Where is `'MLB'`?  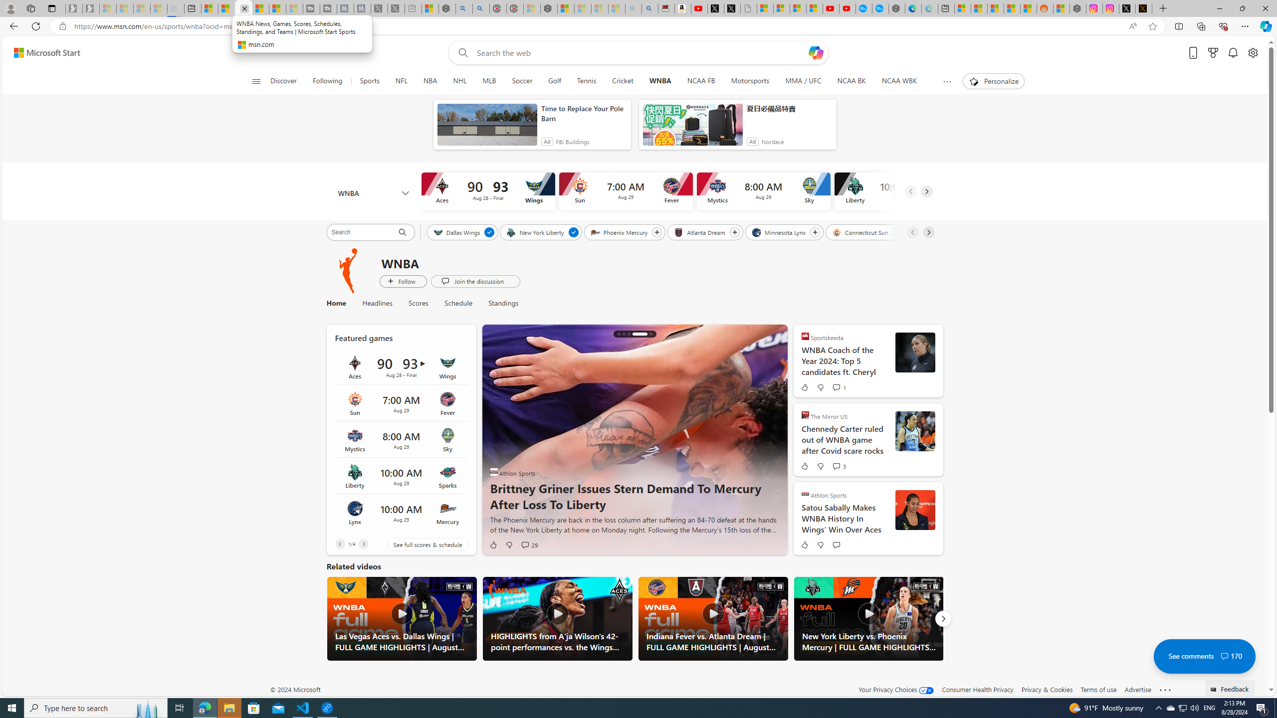
'MLB' is located at coordinates (488, 81).